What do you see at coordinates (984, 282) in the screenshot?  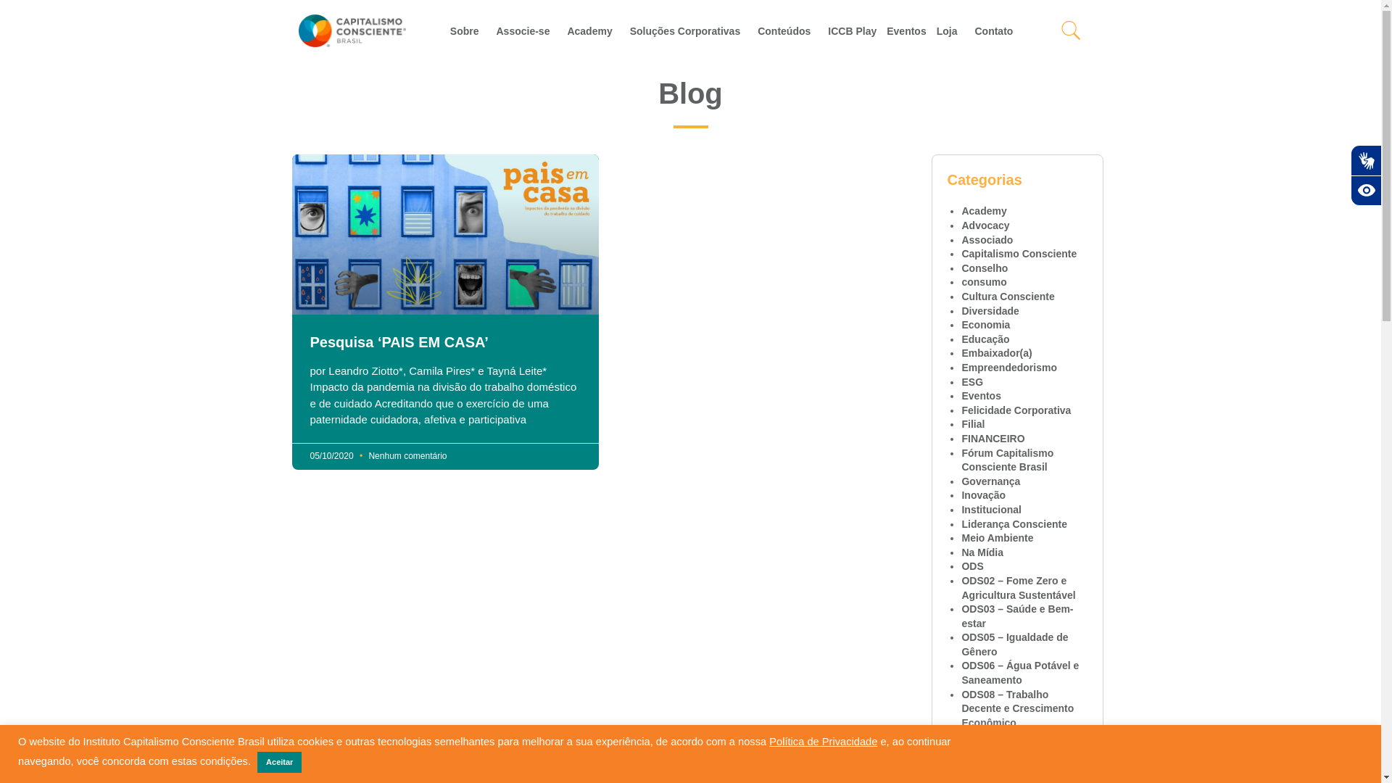 I see `'consumo'` at bounding box center [984, 282].